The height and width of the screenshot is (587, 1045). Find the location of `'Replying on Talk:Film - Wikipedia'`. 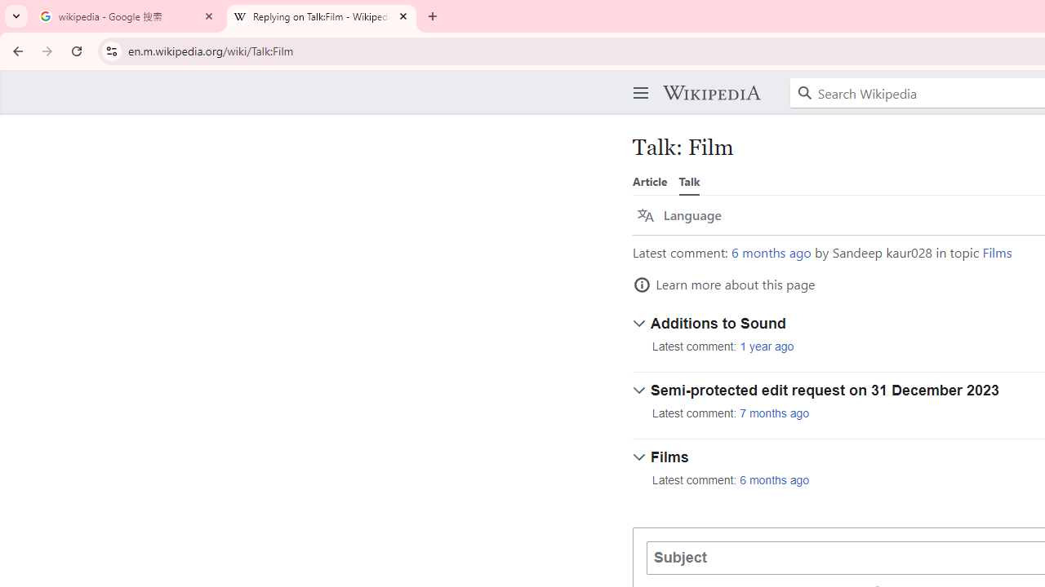

'Replying on Talk:Film - Wikipedia' is located at coordinates (322, 16).